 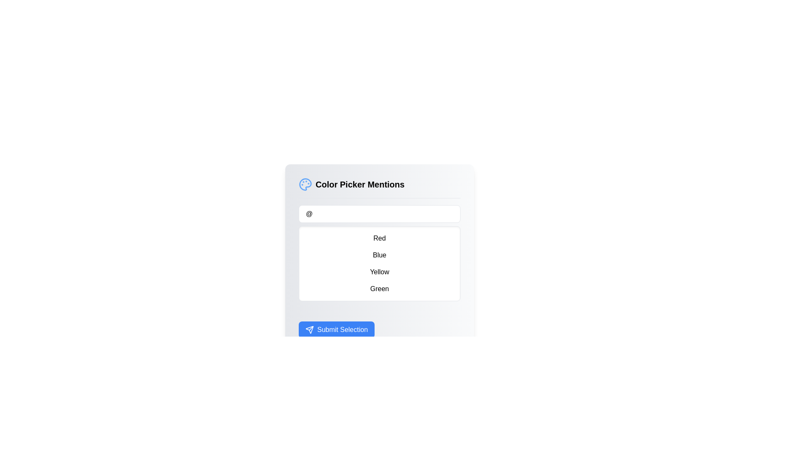 What do you see at coordinates (379, 253) in the screenshot?
I see `the interactive list item labeled 'Blue'` at bounding box center [379, 253].